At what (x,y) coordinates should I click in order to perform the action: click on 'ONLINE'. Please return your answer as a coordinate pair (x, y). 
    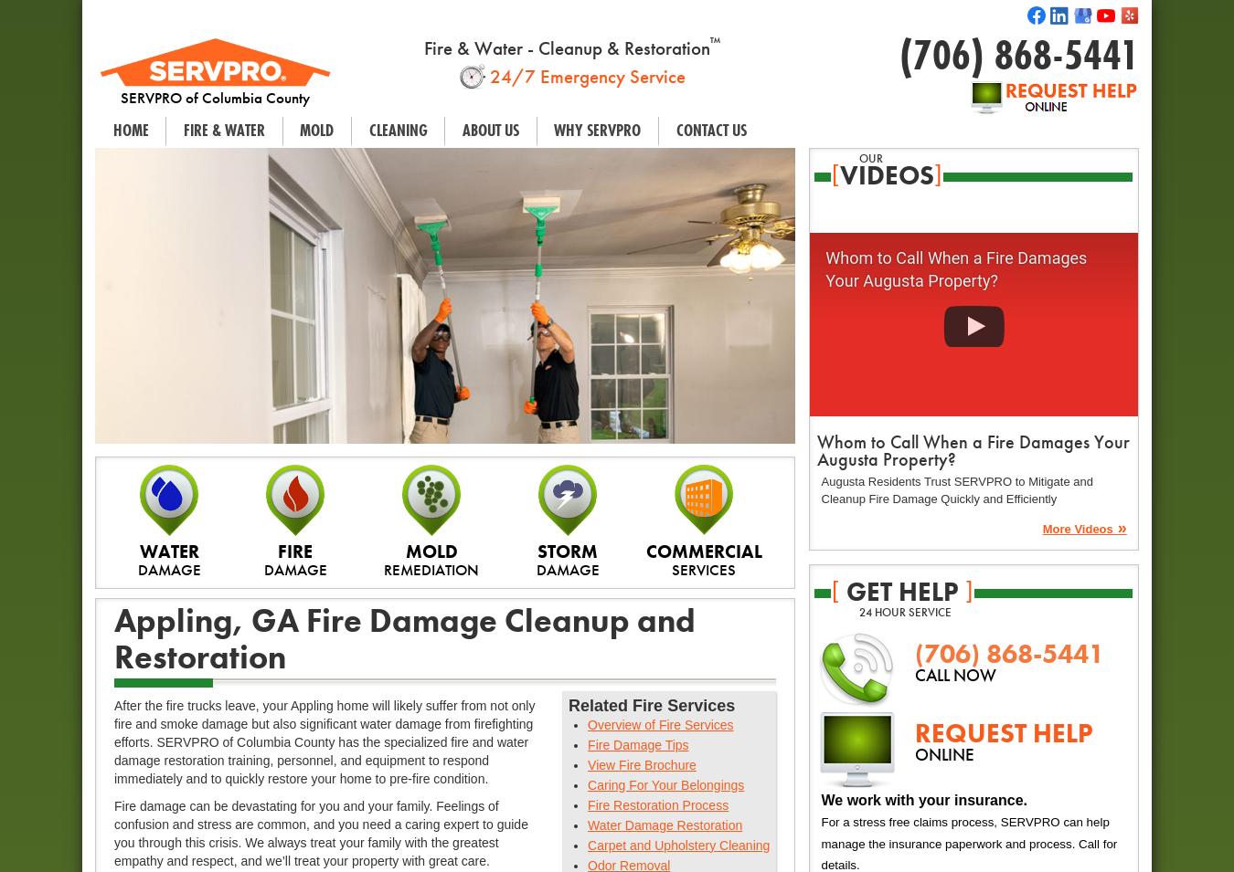
    Looking at the image, I should click on (943, 753).